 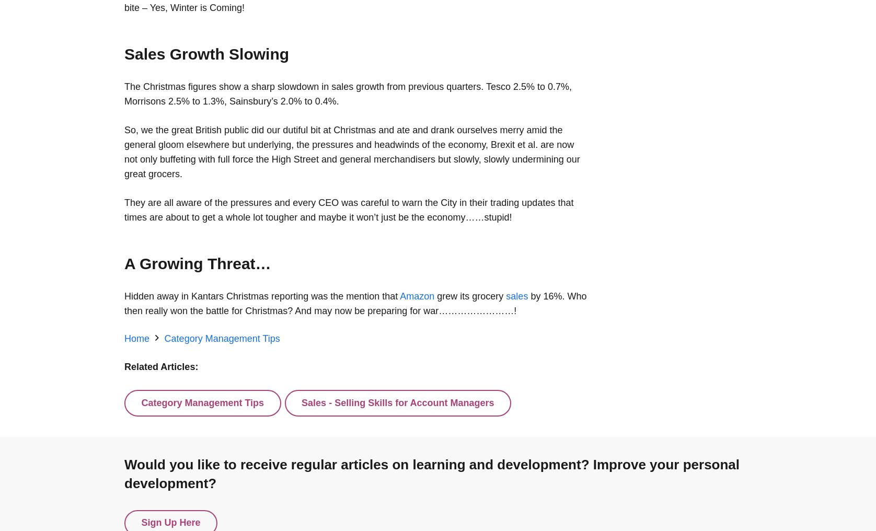 What do you see at coordinates (470, 295) in the screenshot?
I see `'grew its grocery'` at bounding box center [470, 295].